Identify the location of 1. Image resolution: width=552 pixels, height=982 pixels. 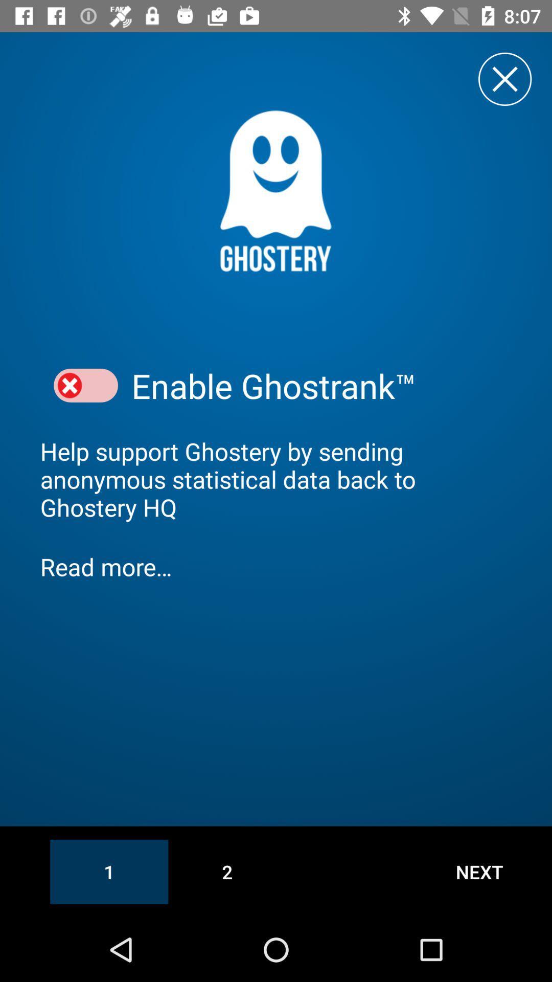
(109, 871).